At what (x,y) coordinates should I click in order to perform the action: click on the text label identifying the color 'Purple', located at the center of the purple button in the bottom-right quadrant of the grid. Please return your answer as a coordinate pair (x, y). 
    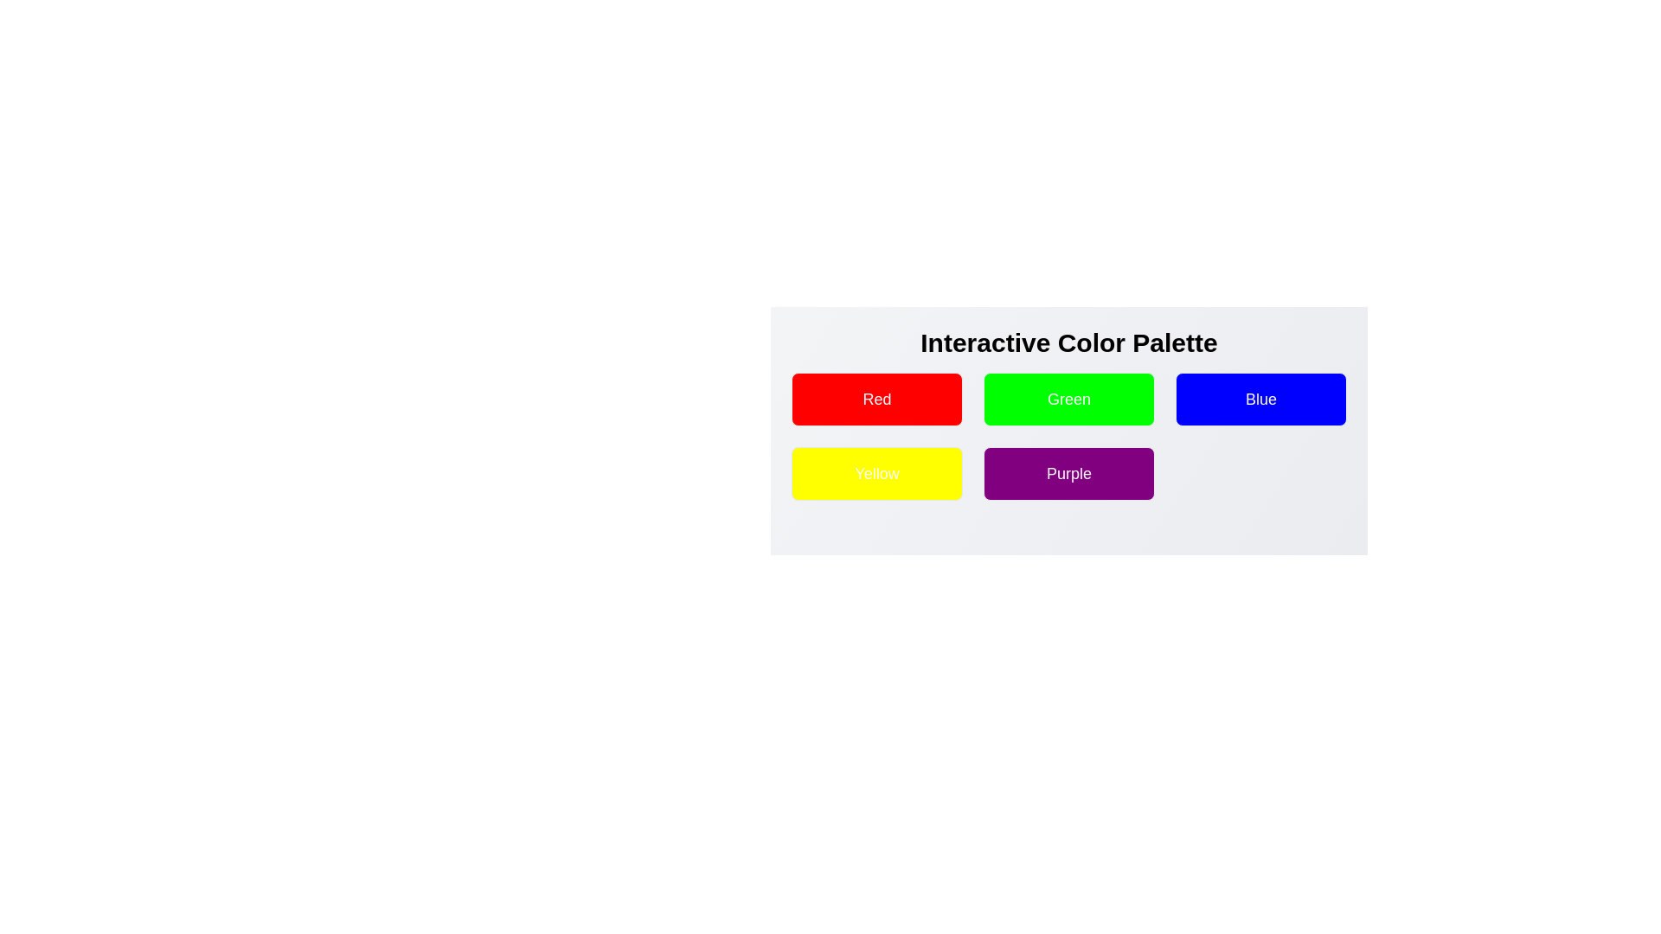
    Looking at the image, I should click on (1068, 473).